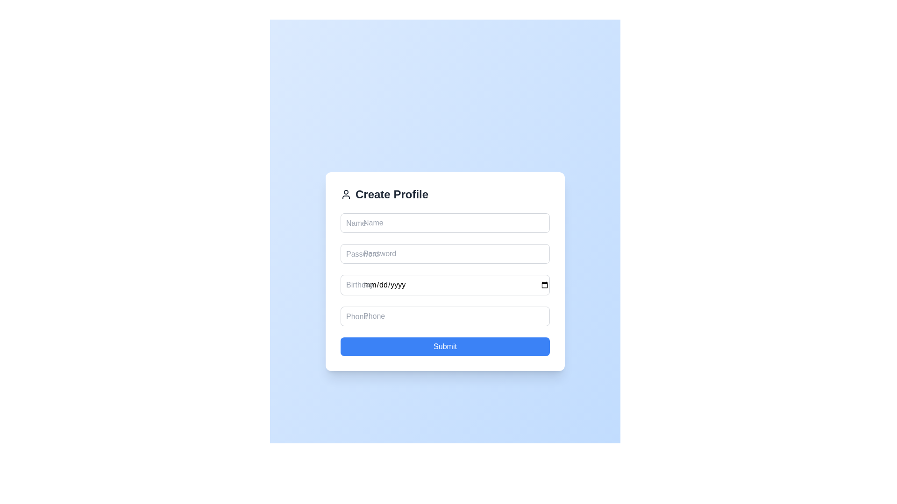 The height and width of the screenshot is (504, 897). Describe the element at coordinates (445, 253) in the screenshot. I see `the Password input field in the 'Create Profile' section by tabbing to it` at that location.